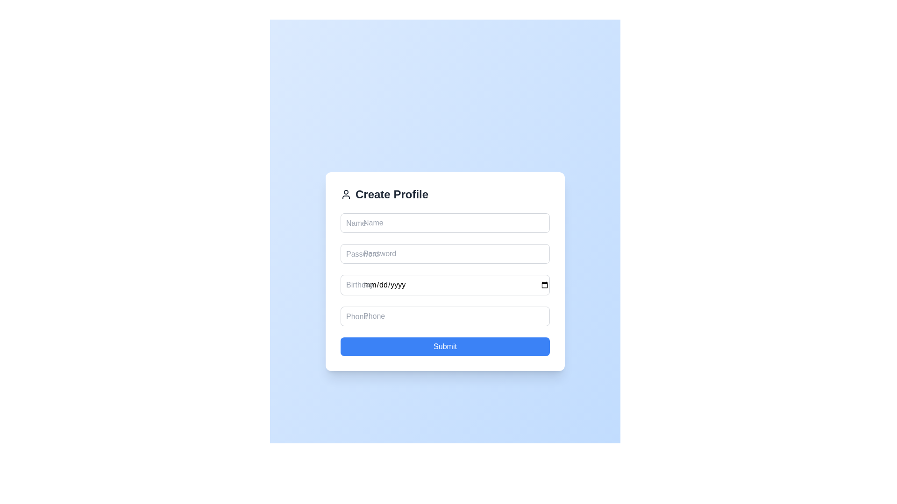 The height and width of the screenshot is (504, 897). Describe the element at coordinates (445, 253) in the screenshot. I see `the Password input field in the 'Create Profile' section by tabbing to it` at that location.